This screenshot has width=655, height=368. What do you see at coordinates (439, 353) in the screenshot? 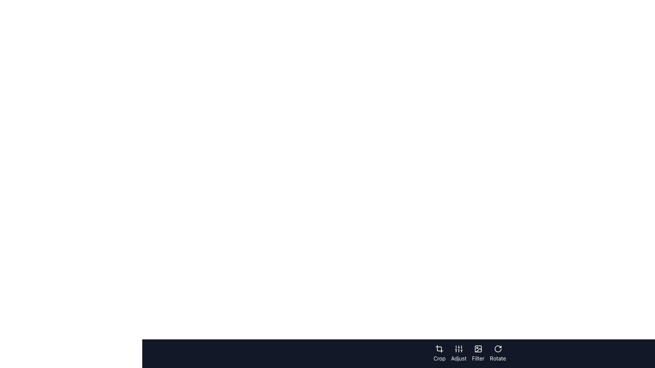
I see `the cropping tool button located at the bottom center of the interface` at bounding box center [439, 353].